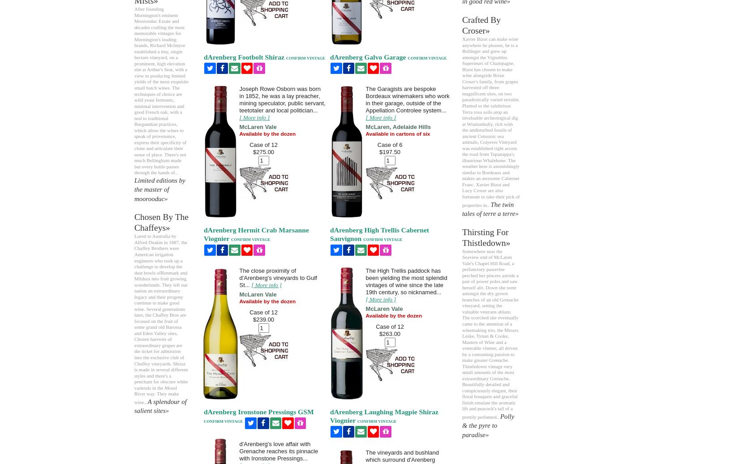  What do you see at coordinates (281, 99) in the screenshot?
I see `'Joseph Rowe Osborn was born in 1852, he was a lay preacher, mining speculator, public servant, teetotaler and local politician...'` at bounding box center [281, 99].